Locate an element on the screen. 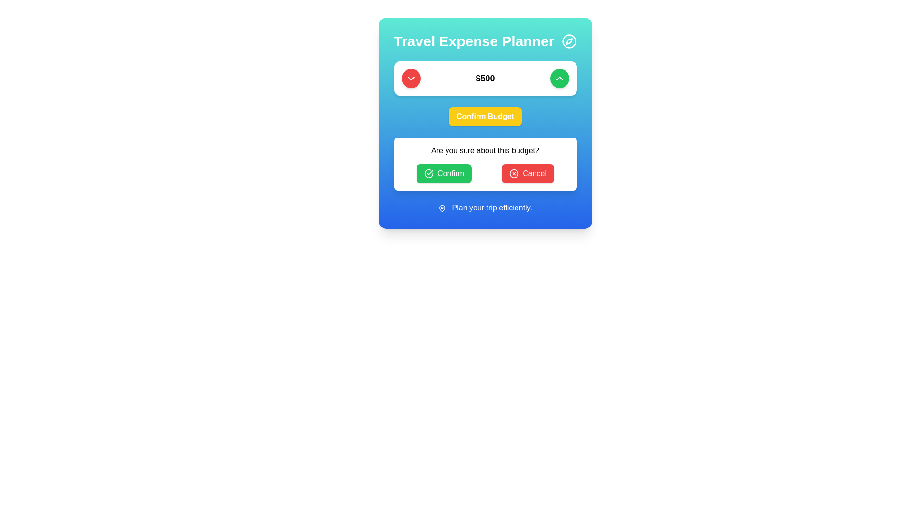 This screenshot has height=514, width=914. the cancel or close button icon (circle) located at the top-left corner of the modal interface, above the title 'Travel Expense Planner' is located at coordinates (514, 174).